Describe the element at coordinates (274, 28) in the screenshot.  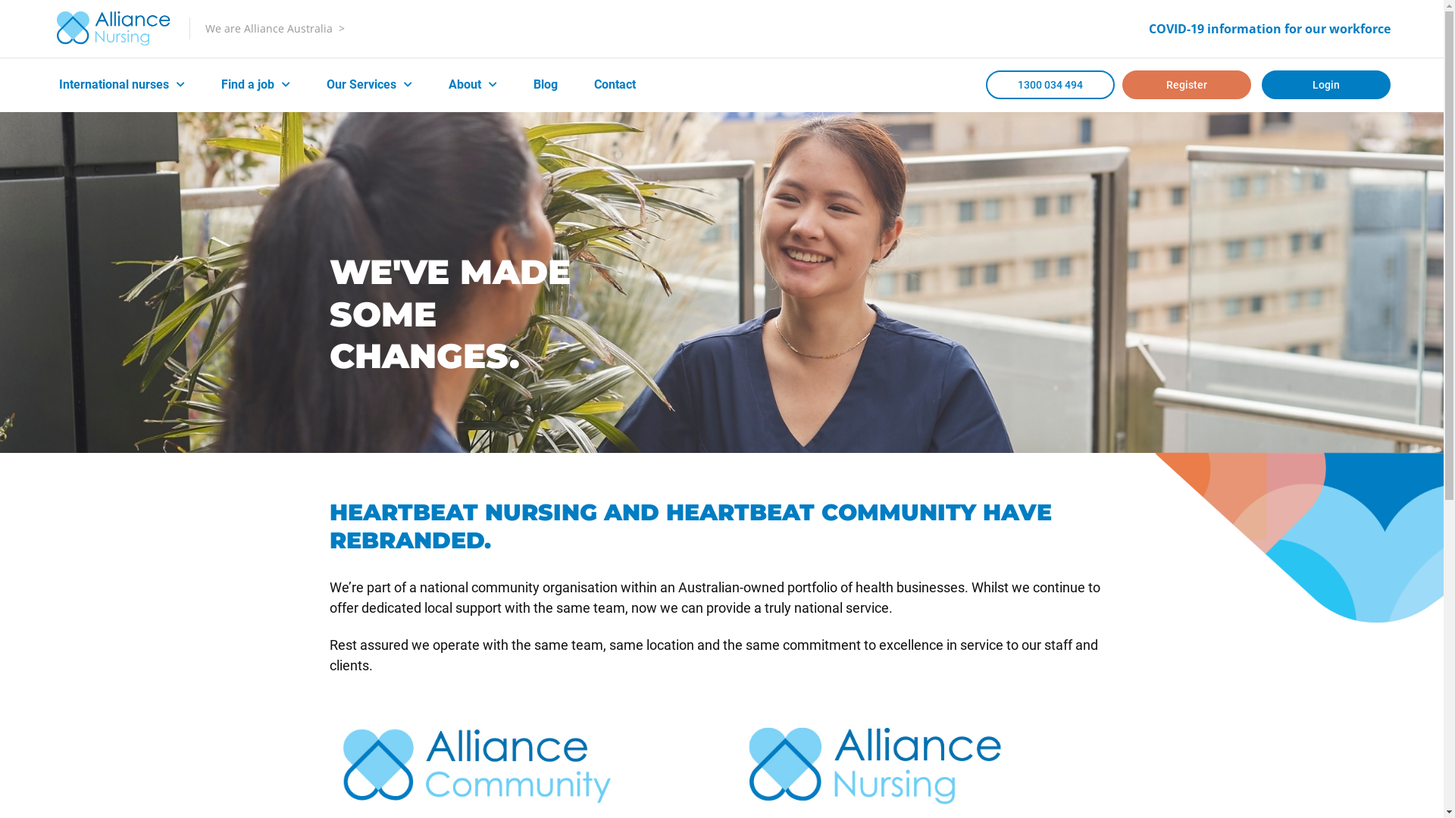
I see `'We are Alliance Australia  >'` at that location.